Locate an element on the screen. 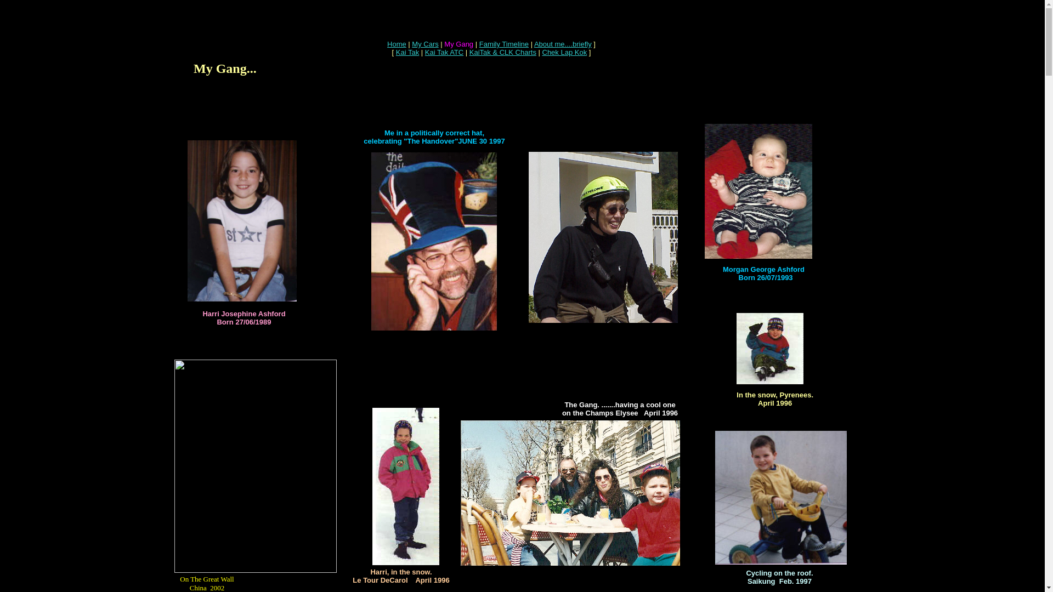 The image size is (1053, 592). 'Family Timeline' is located at coordinates (503, 43).